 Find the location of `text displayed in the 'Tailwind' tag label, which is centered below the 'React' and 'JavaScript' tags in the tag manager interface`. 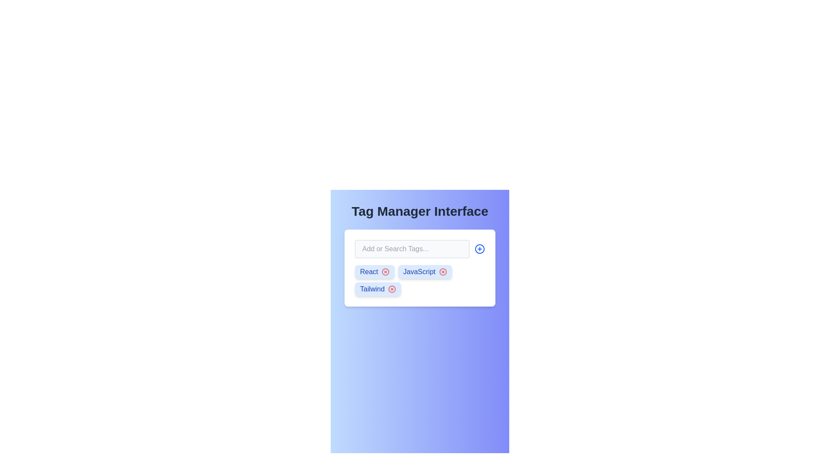

text displayed in the 'Tailwind' tag label, which is centered below the 'React' and 'JavaScript' tags in the tag manager interface is located at coordinates (372, 289).